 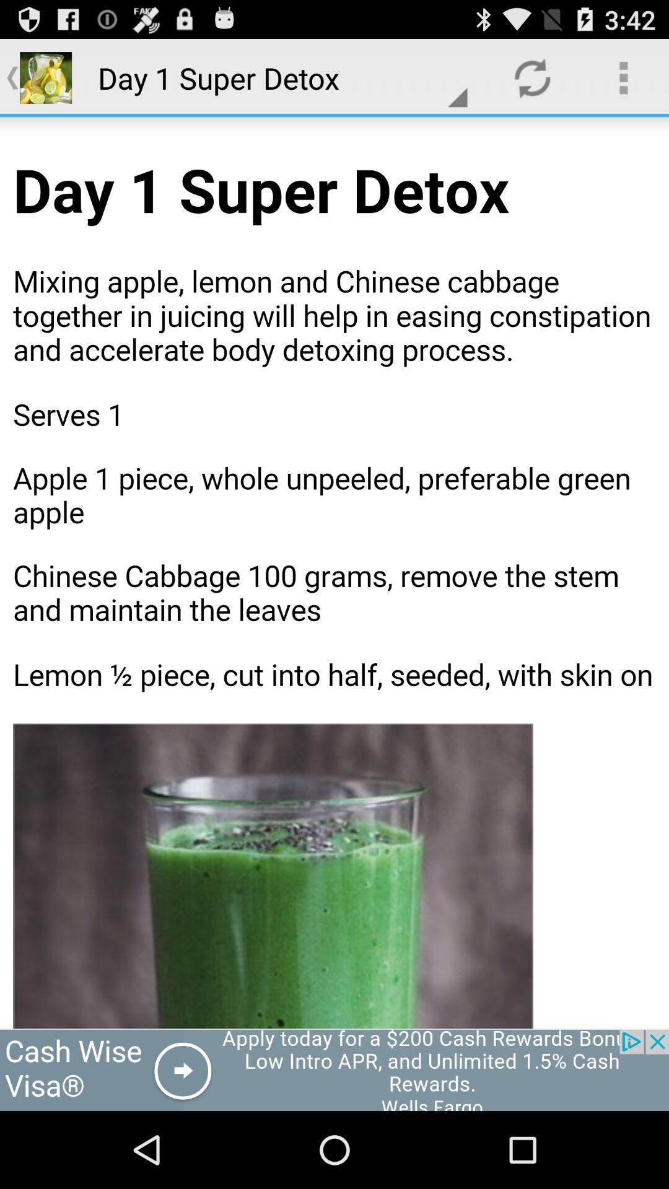 What do you see at coordinates (334, 572) in the screenshot?
I see `description` at bounding box center [334, 572].